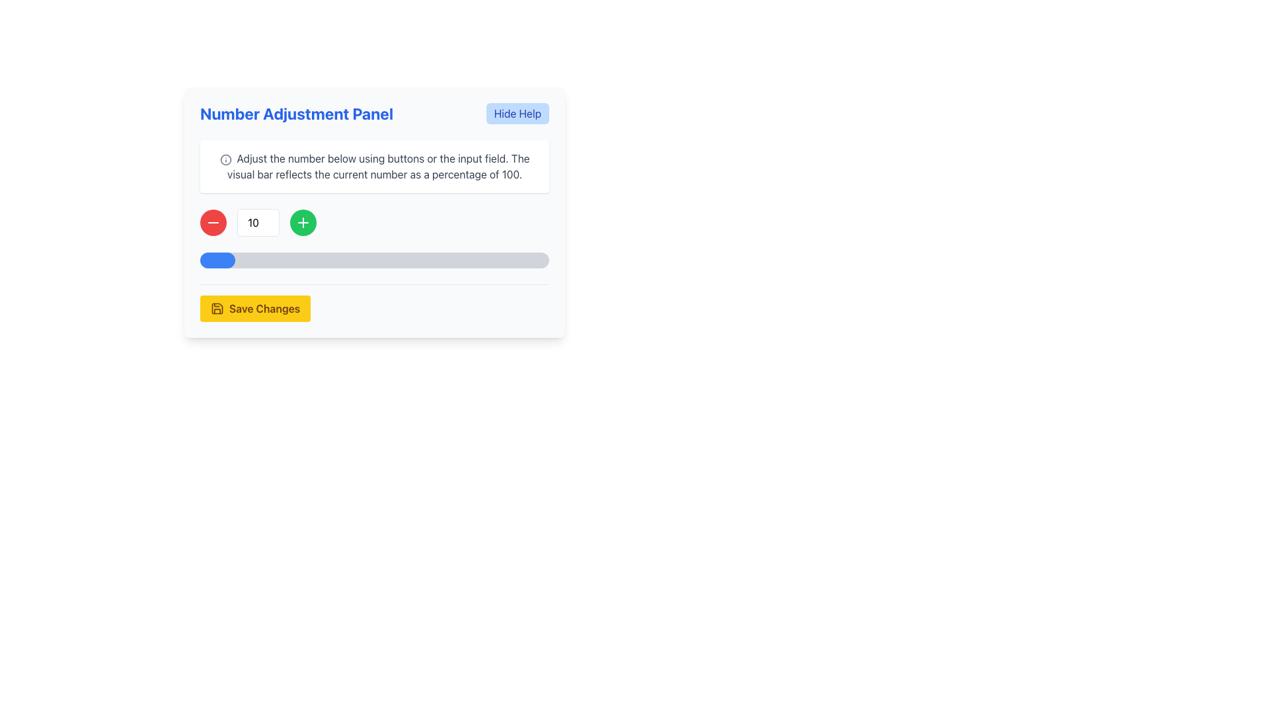 The height and width of the screenshot is (714, 1269). I want to click on the button located to the right of the numeric input field (value 10), so click(303, 221).